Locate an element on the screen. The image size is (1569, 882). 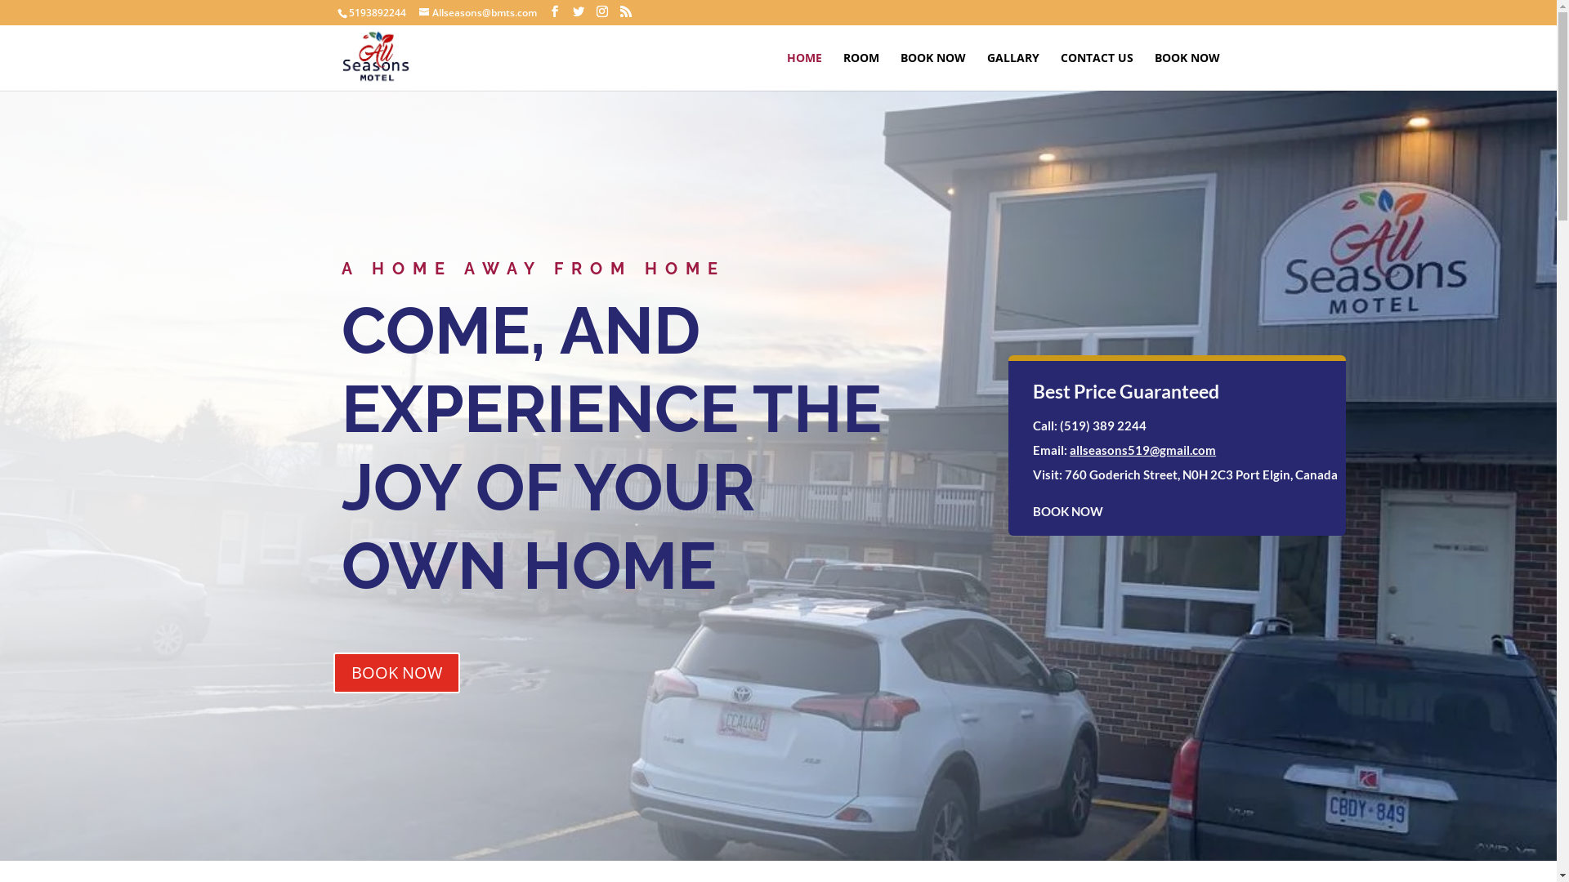
'HOME' is located at coordinates (803, 70).